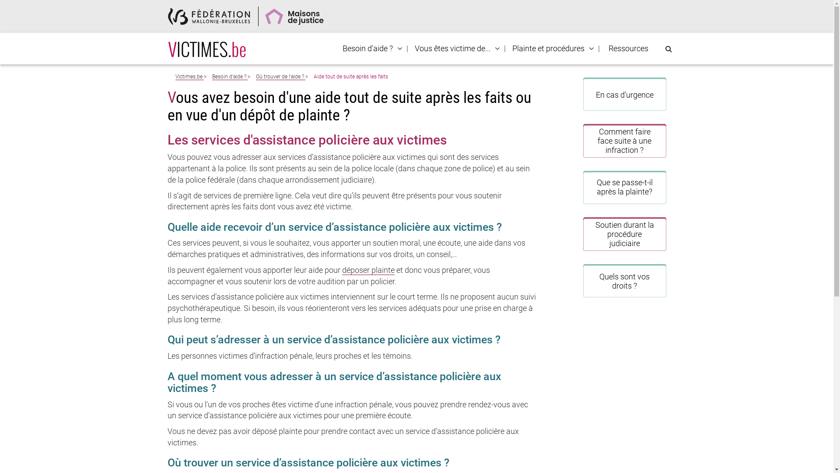 The image size is (840, 473). What do you see at coordinates (628, 49) in the screenshot?
I see `'Ressources'` at bounding box center [628, 49].